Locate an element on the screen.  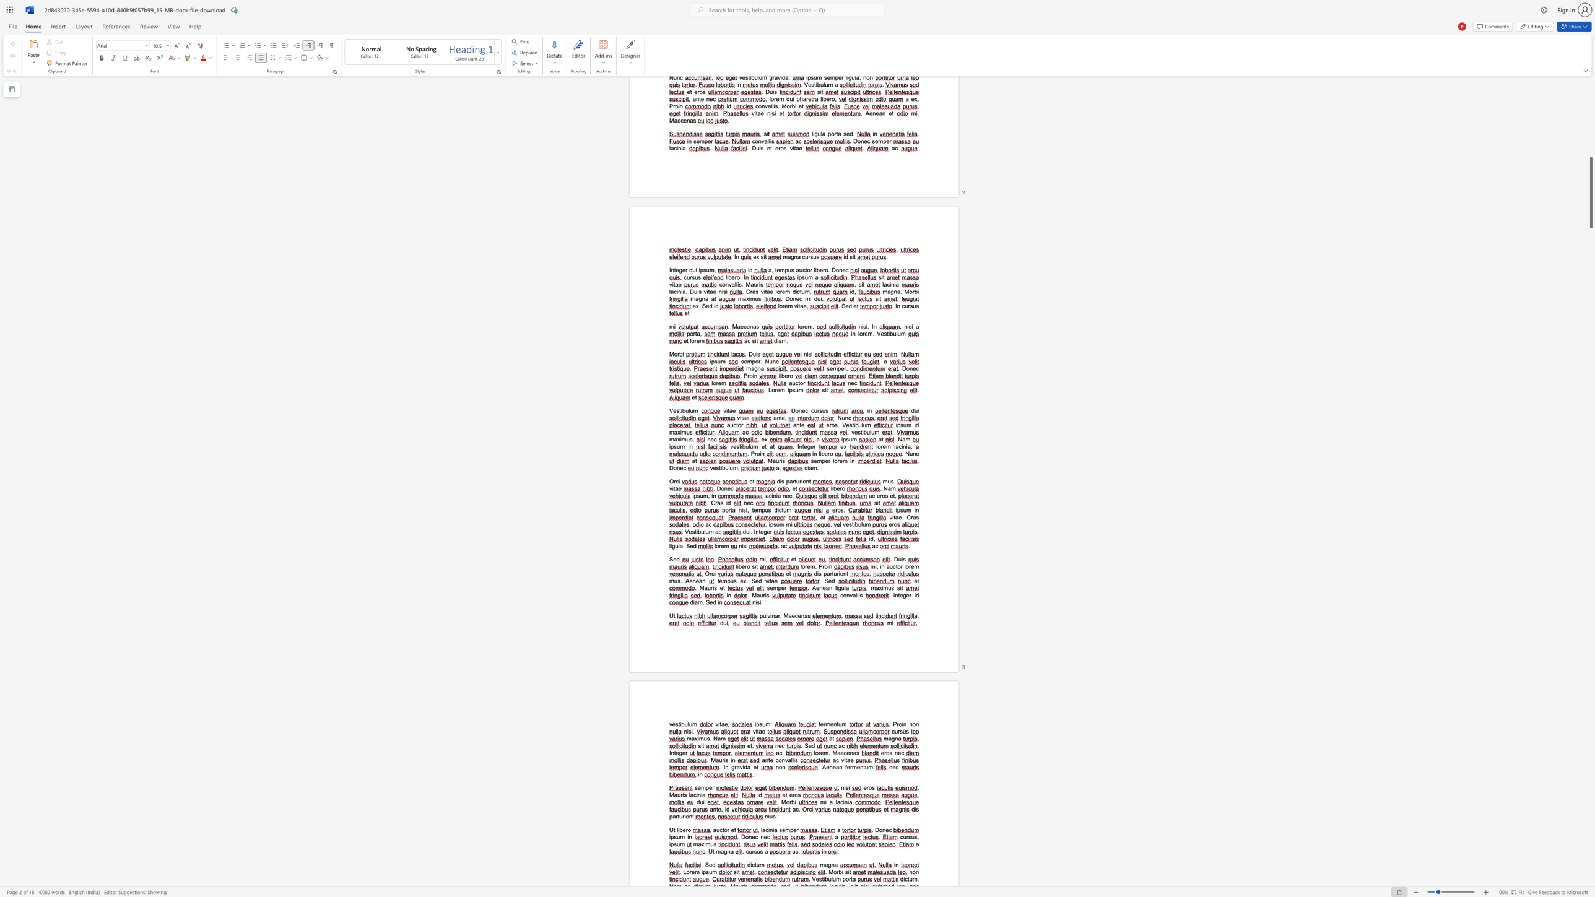
the 1th character "." in the text is located at coordinates (792, 496).